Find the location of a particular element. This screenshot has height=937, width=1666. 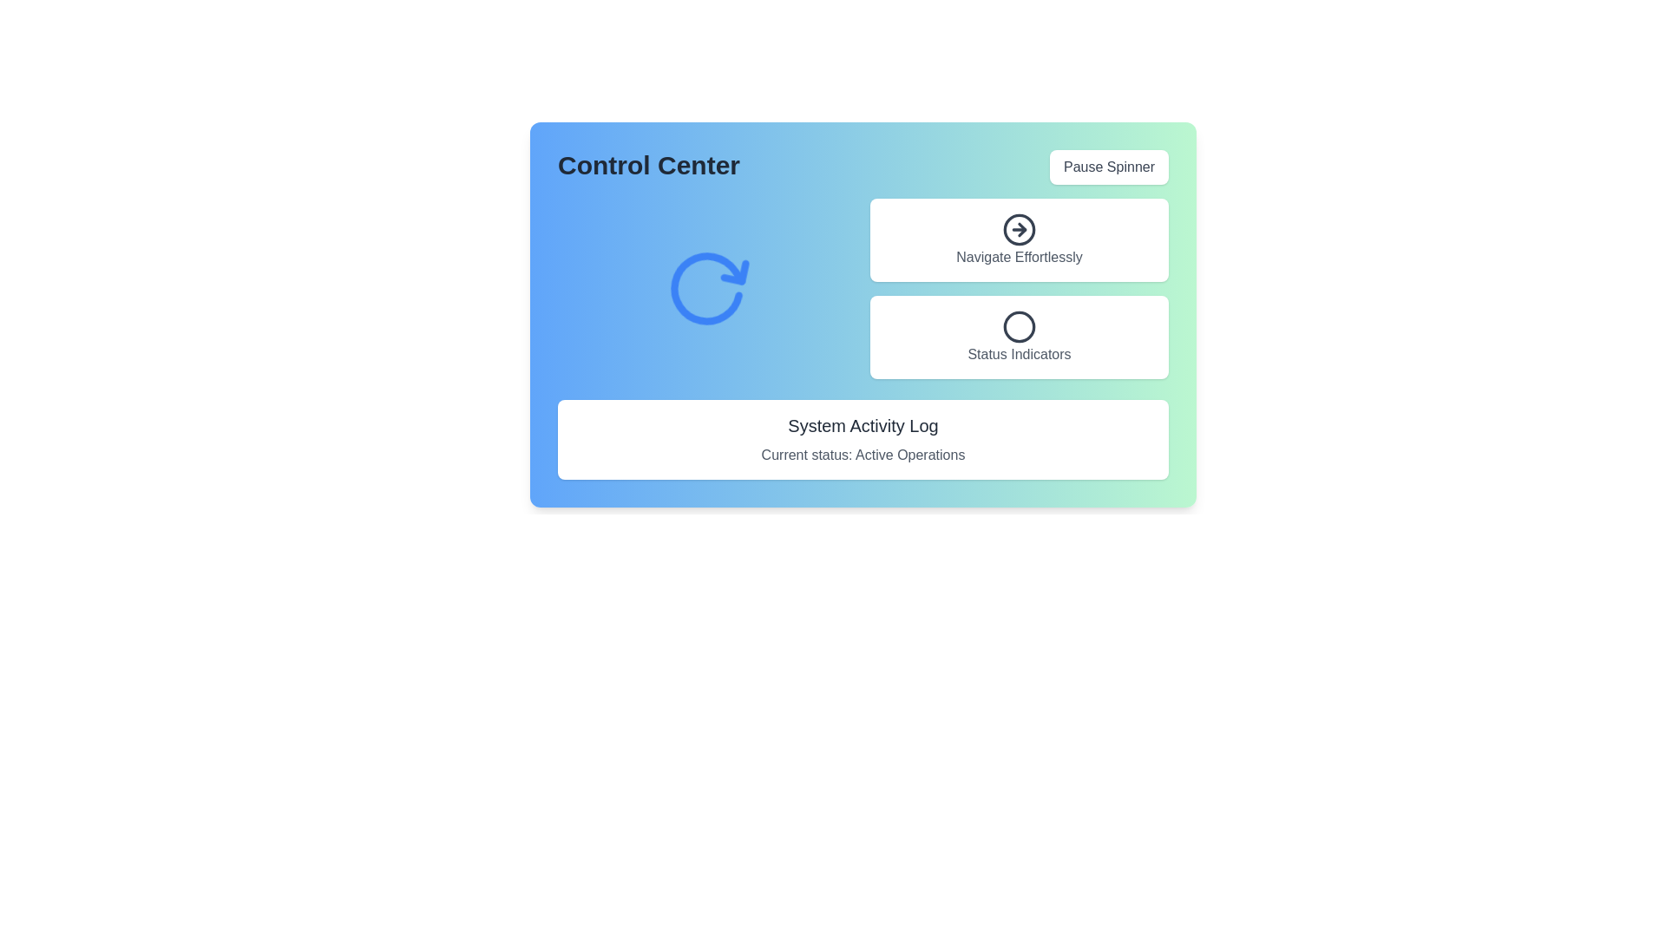

the informational text element displaying 'Current status: Active Operations', which is centered beneath the 'System Activity Log' heading is located at coordinates (863, 454).